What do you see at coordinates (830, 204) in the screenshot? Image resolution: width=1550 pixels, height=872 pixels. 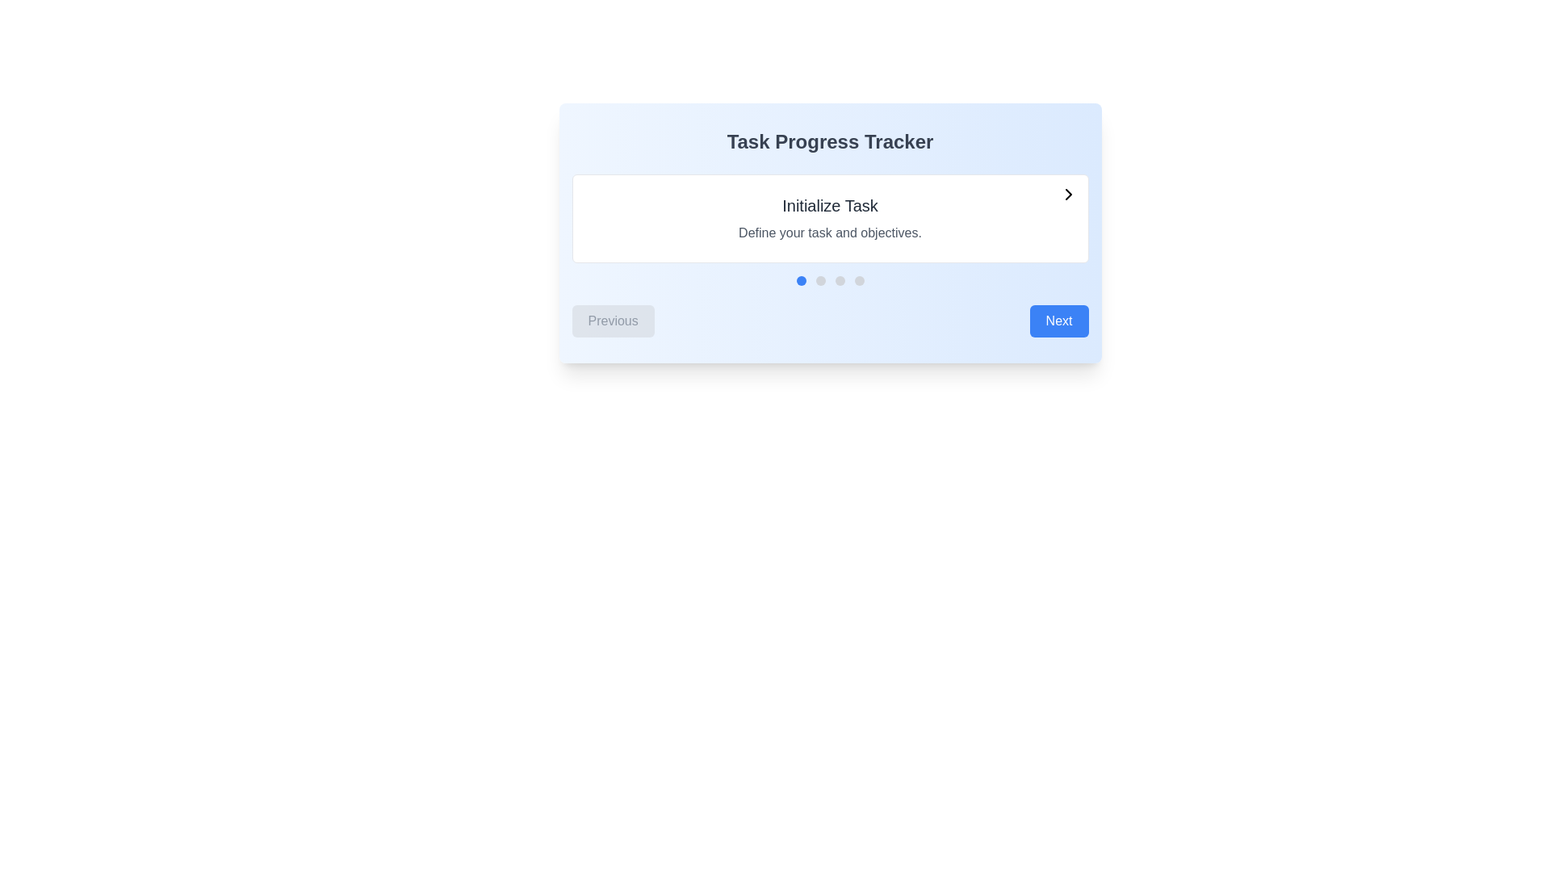 I see `the bold text label heading 'Initialize Task' which is displayed in large dark gray font above the smaller text line 'Define your task and objectives'` at bounding box center [830, 204].